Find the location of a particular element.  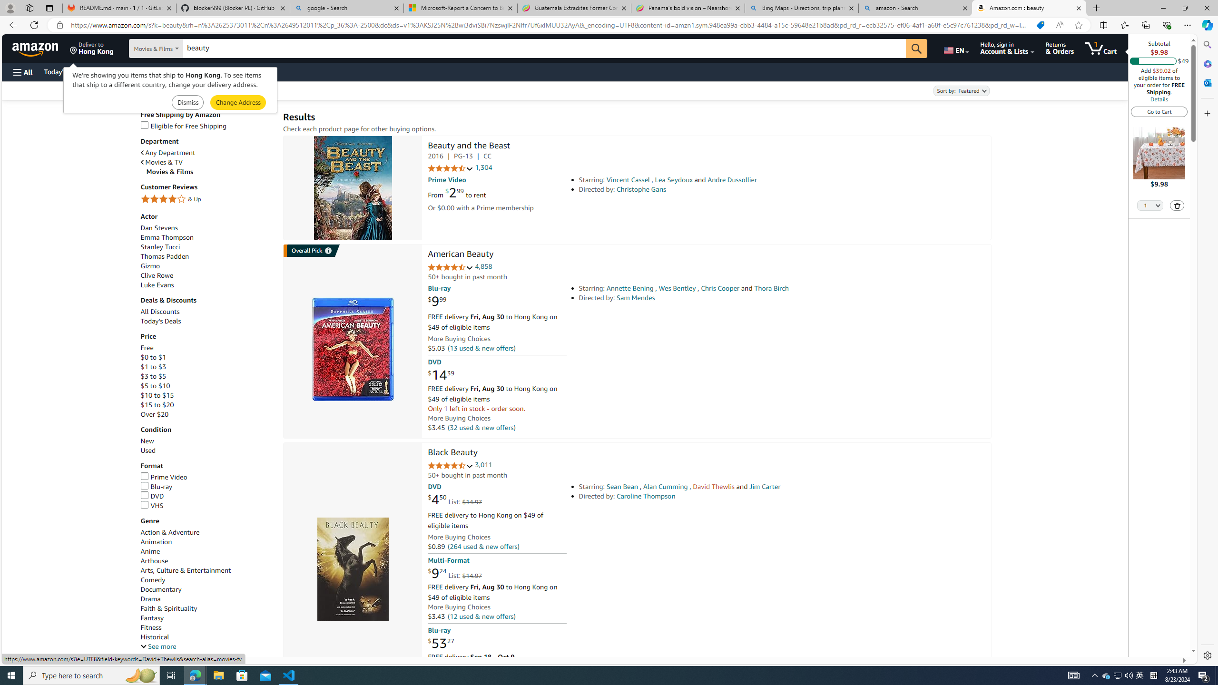

'(13 used & new offers)' is located at coordinates (481, 348).